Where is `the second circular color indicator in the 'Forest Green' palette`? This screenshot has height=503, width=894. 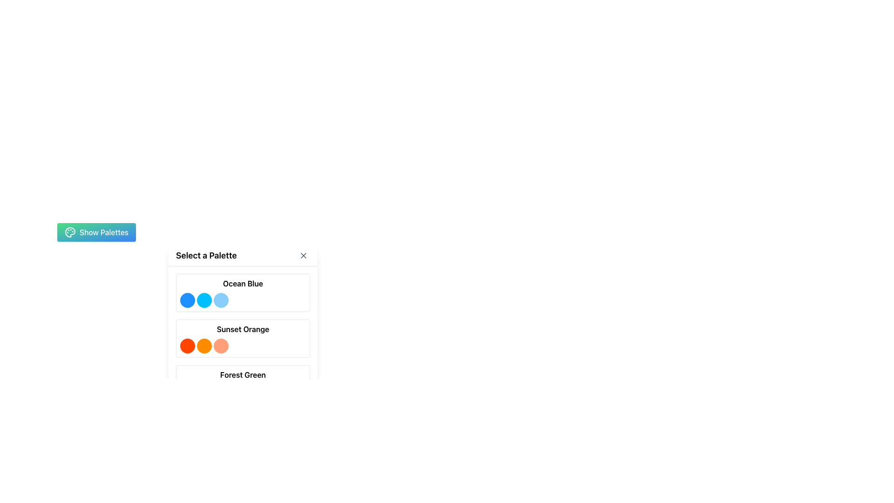 the second circular color indicator in the 'Forest Green' palette is located at coordinates (203, 391).